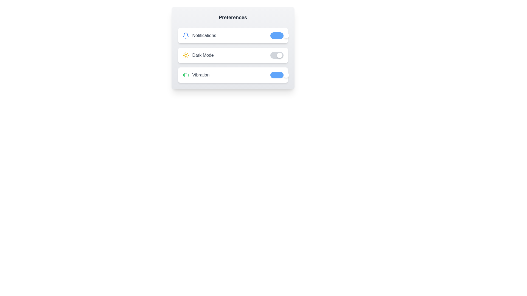 Image resolution: width=527 pixels, height=296 pixels. Describe the element at coordinates (233, 55) in the screenshot. I see `the toggle switch for the 'Dark Mode' settings option, which is the second item in a vertical stack of settings options, located between 'Notifications' and 'Vibration'` at that location.